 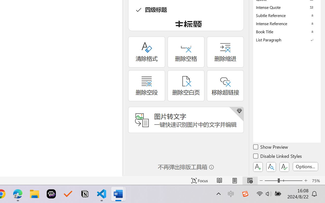 What do you see at coordinates (85, 194) in the screenshot?
I see `'Notion'` at bounding box center [85, 194].